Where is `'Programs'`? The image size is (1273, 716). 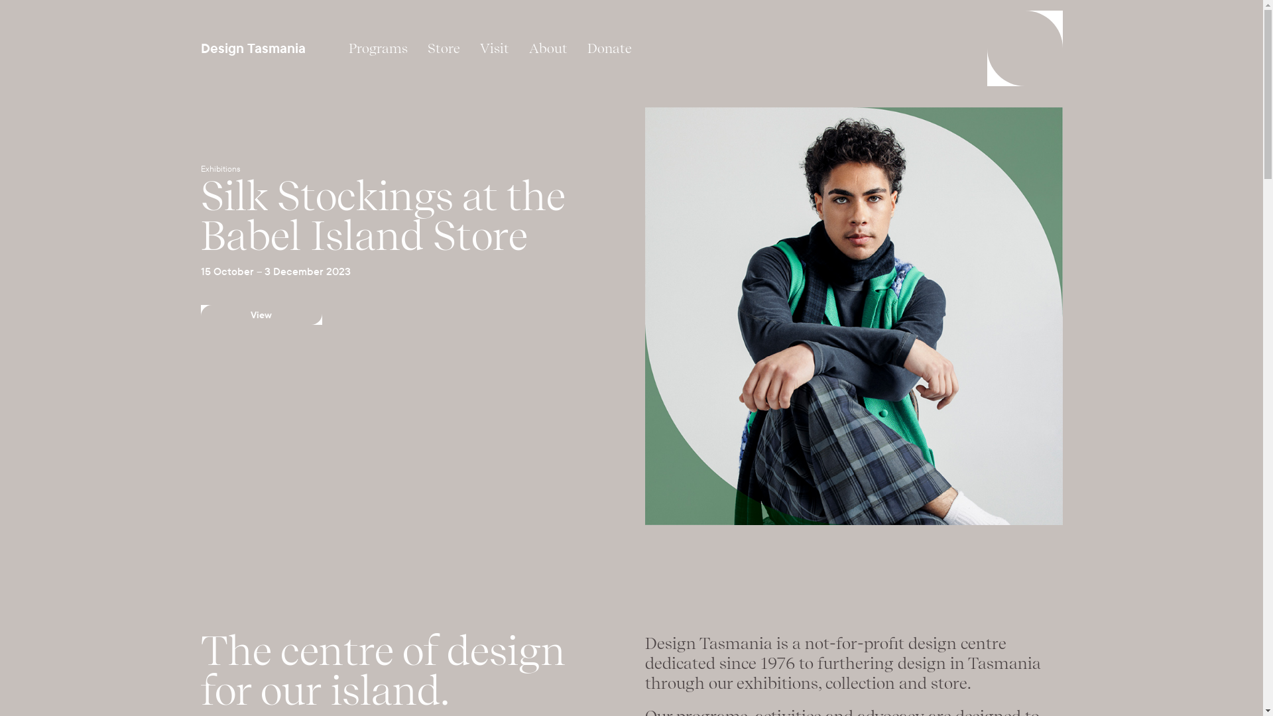
'Programs' is located at coordinates (337, 48).